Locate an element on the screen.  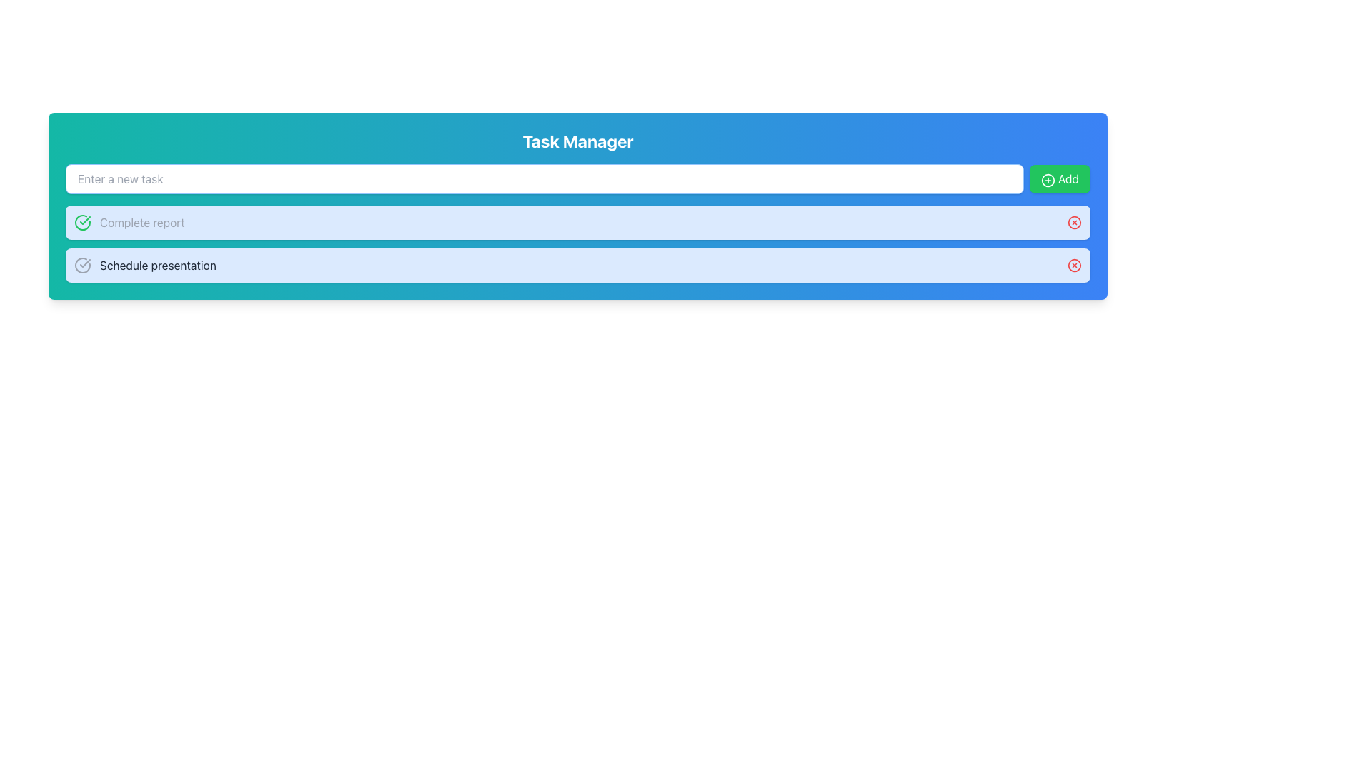
the circular graphic with an arc shape located to the left of the text 'Schedule presentation' in the second row of the task list is located at coordinates (81, 265).